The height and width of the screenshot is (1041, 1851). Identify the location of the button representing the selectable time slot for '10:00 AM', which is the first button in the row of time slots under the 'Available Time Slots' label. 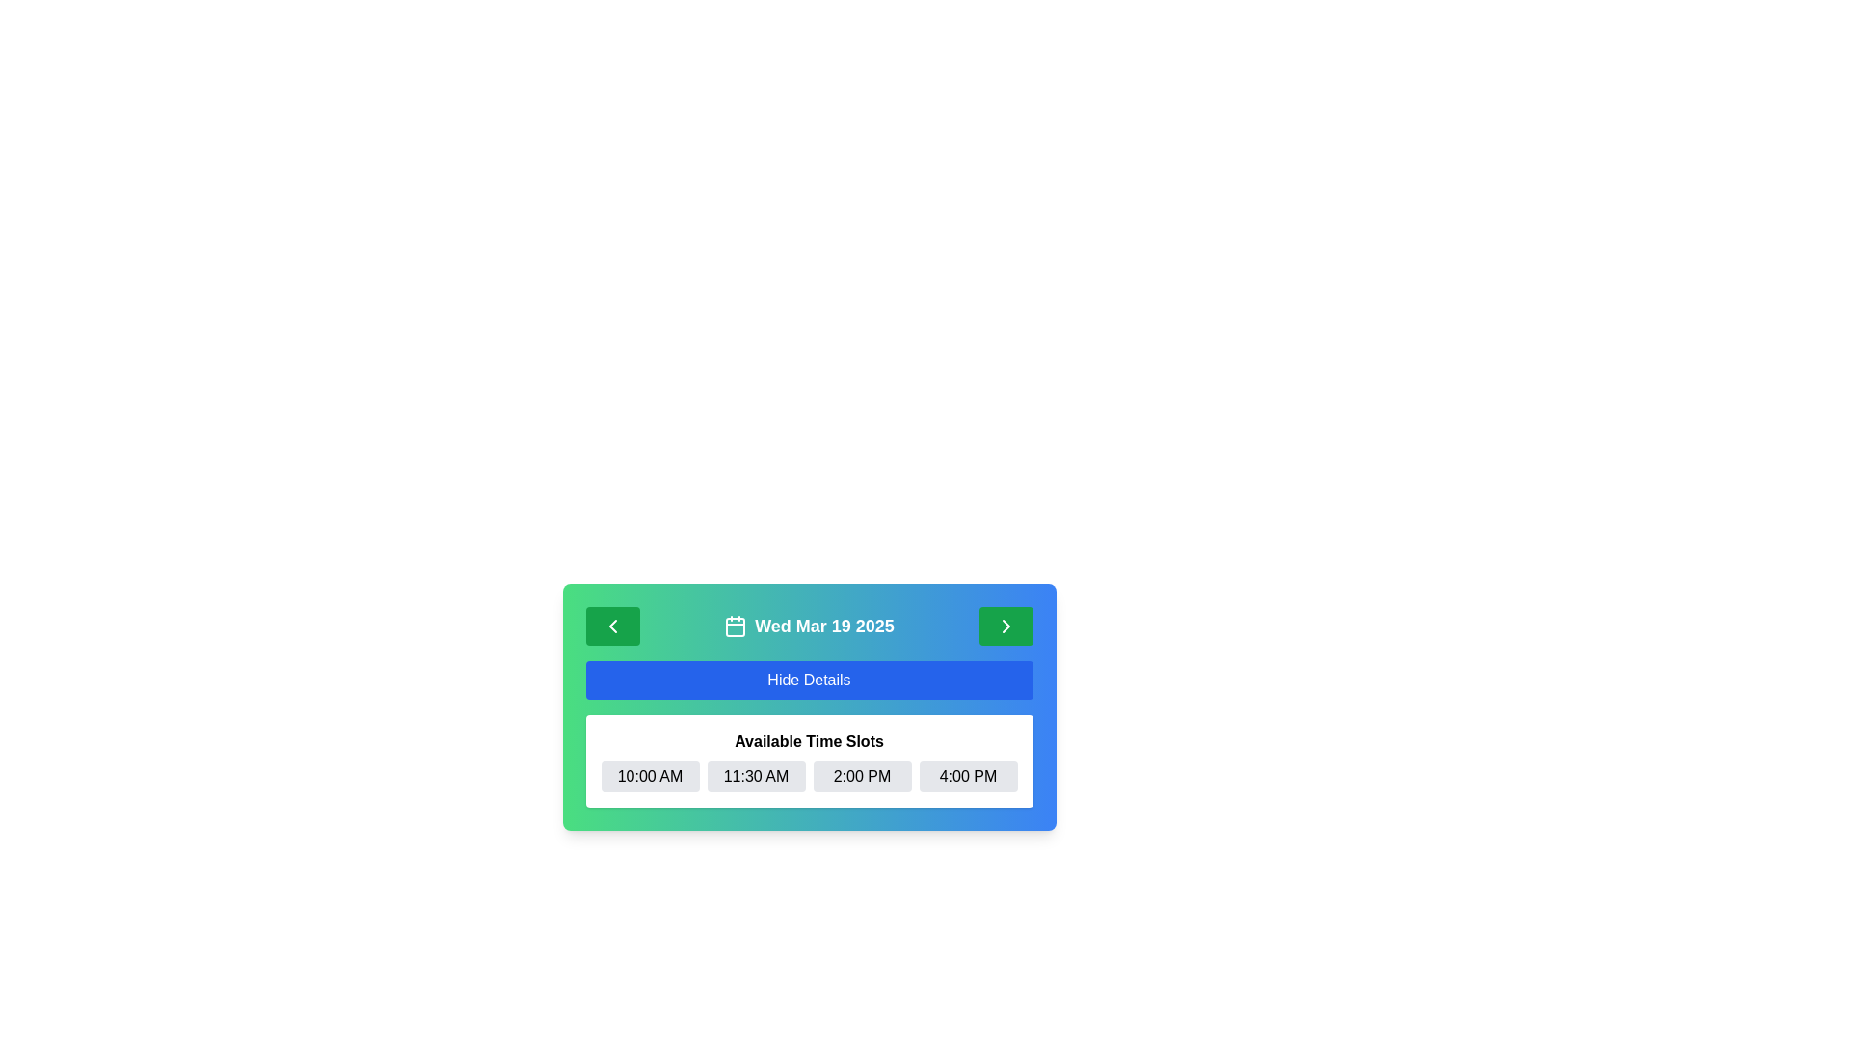
(650, 776).